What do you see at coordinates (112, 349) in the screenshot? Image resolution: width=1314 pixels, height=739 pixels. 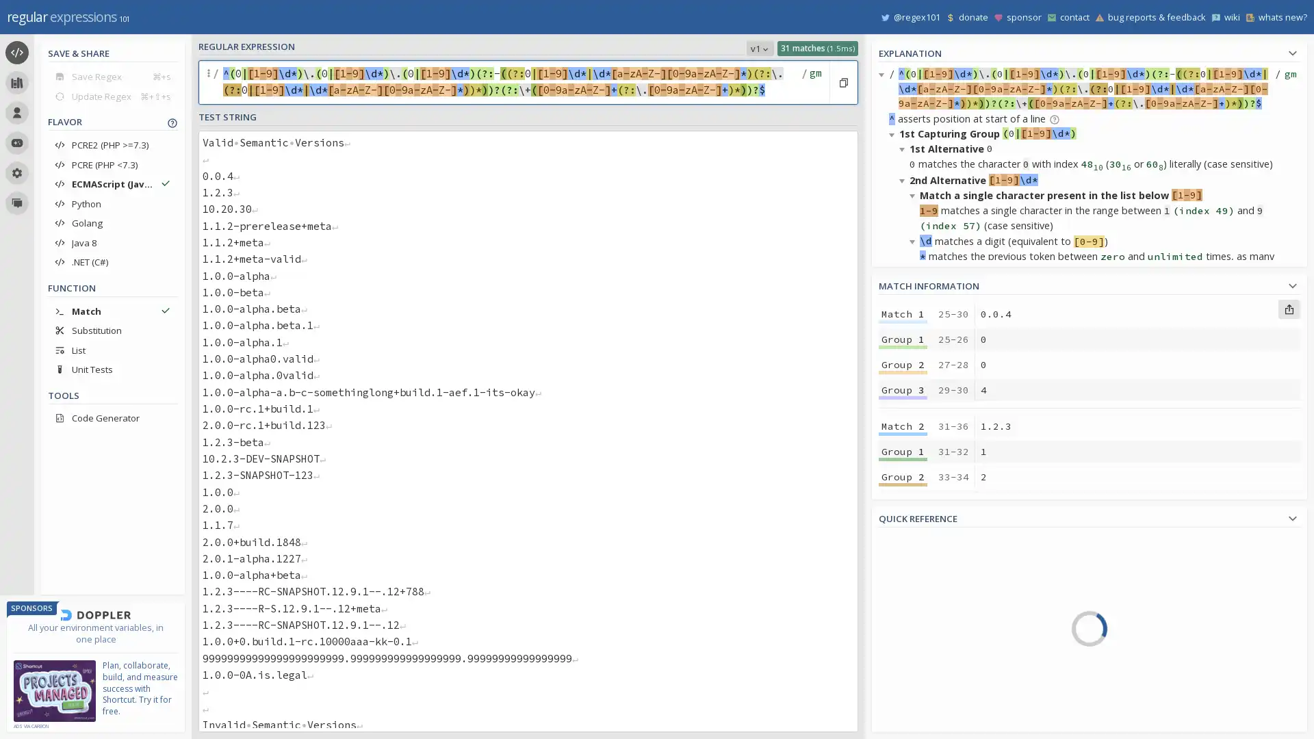 I see `List` at bounding box center [112, 349].